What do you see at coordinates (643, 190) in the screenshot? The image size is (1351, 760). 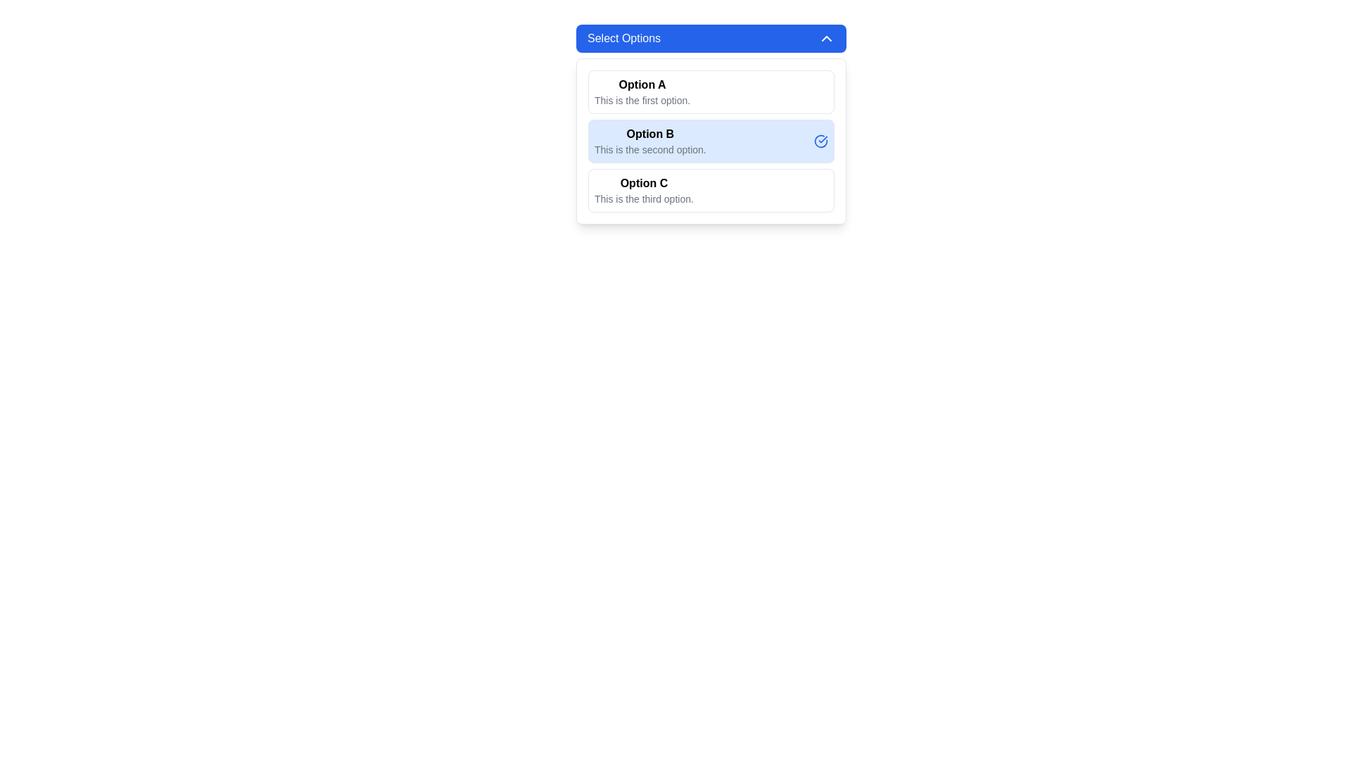 I see `the third option in the dropdown list, which is an informational text block located below 'Option B'` at bounding box center [643, 190].